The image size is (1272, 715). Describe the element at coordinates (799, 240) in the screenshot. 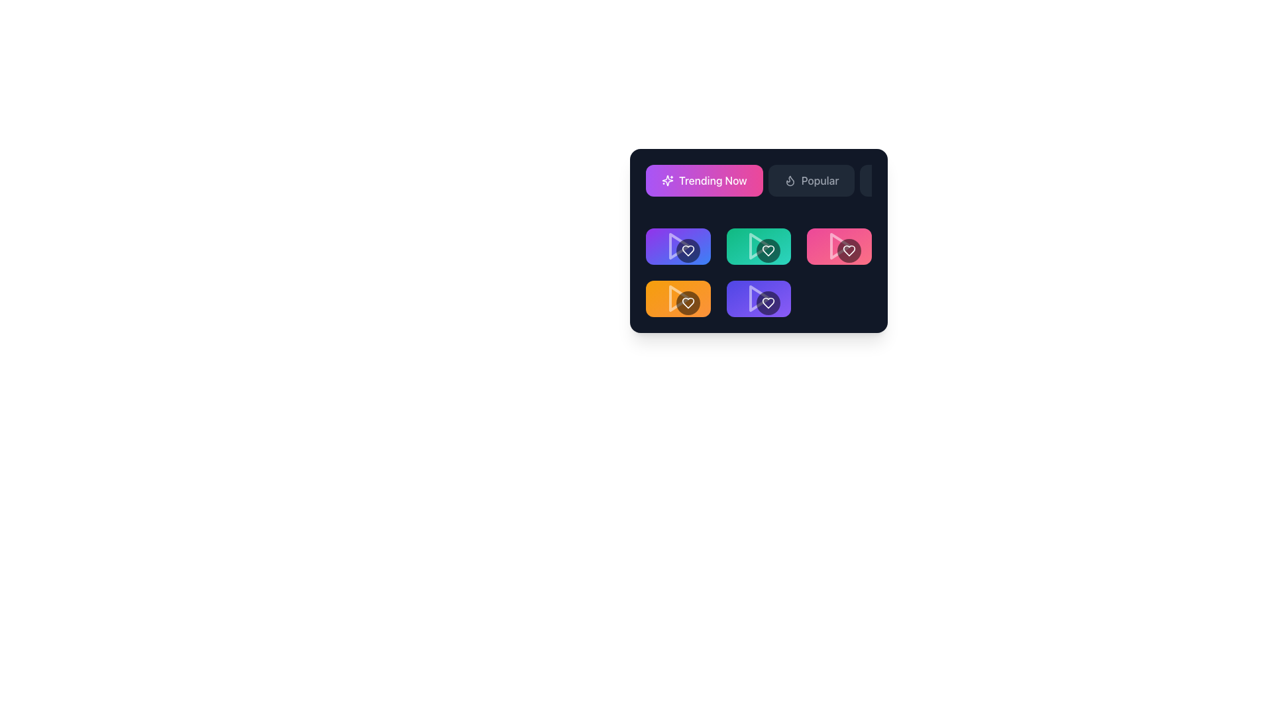

I see `the interactive button card located in the second row and first column of the 2x4 grid` at that location.